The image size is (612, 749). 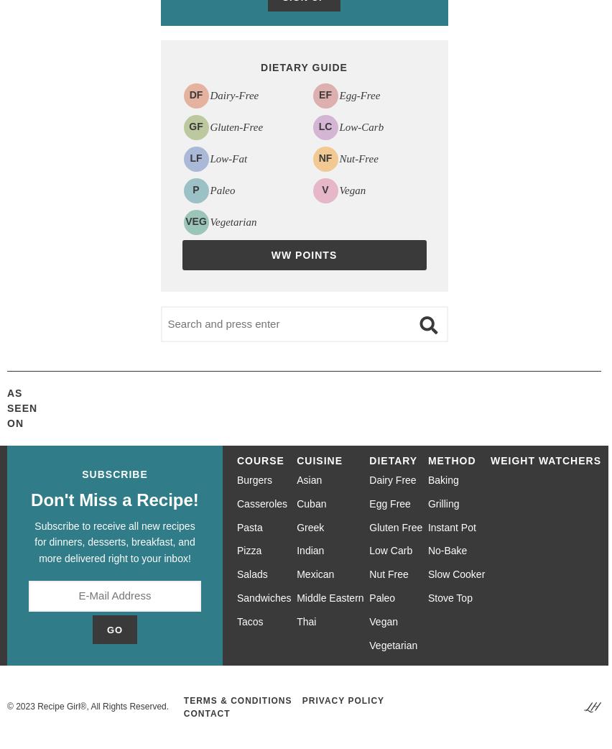 I want to click on 'V', so click(x=324, y=189).